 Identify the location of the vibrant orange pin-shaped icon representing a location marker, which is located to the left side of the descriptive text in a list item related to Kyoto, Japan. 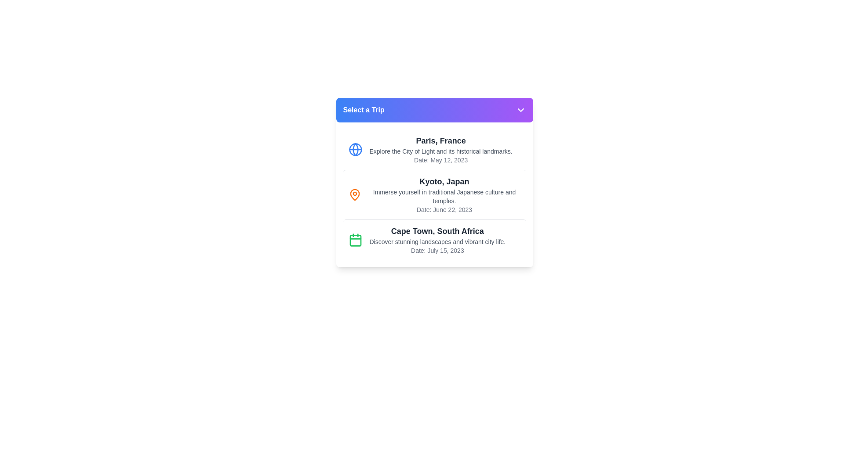
(354, 194).